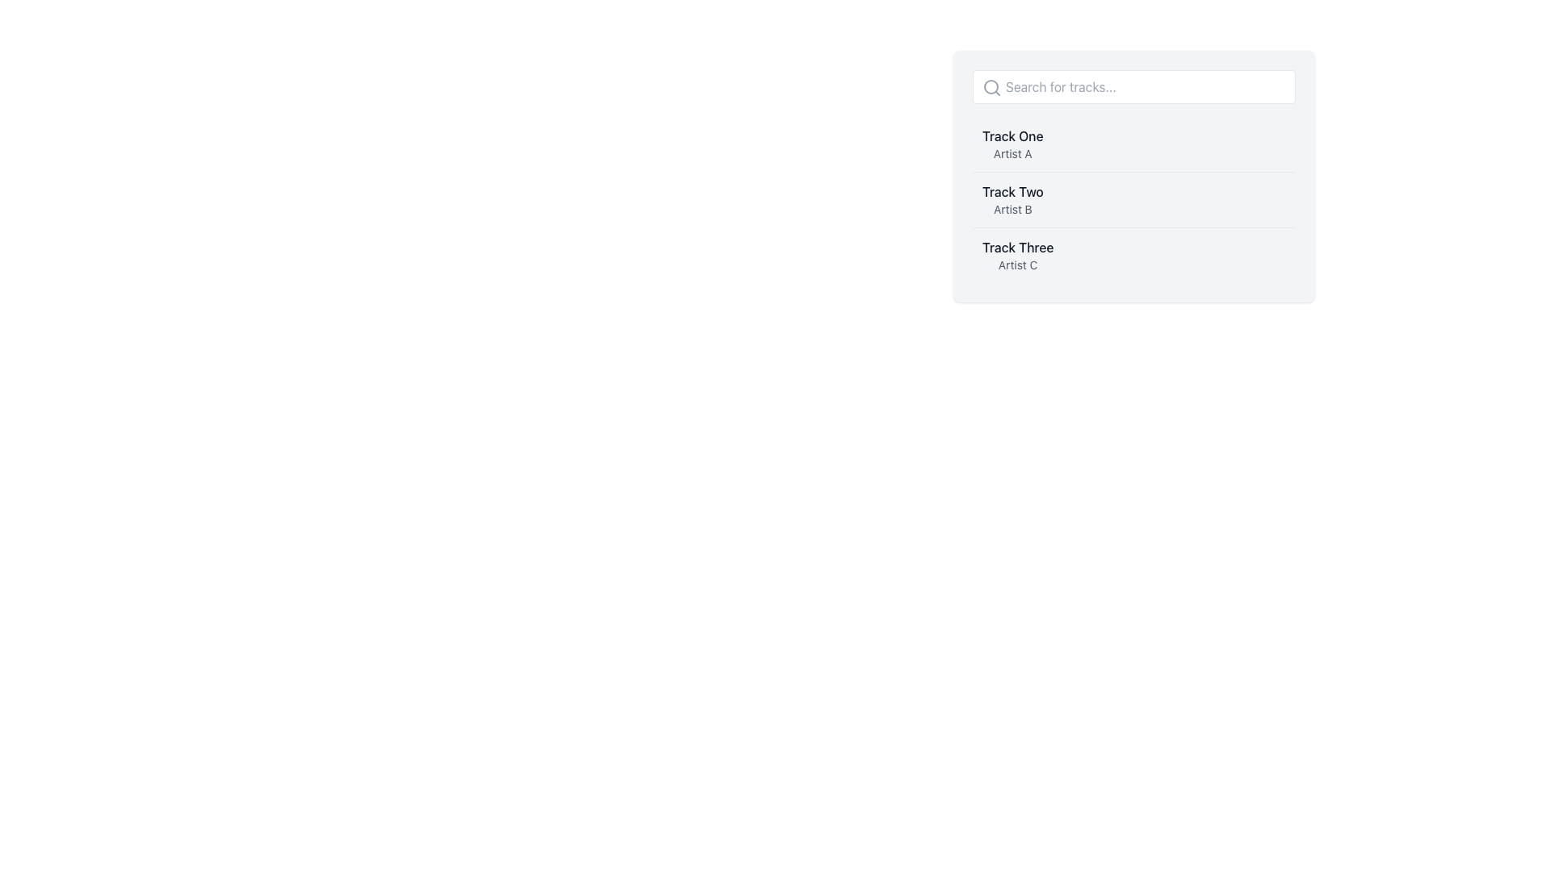 The width and height of the screenshot is (1550, 871). What do you see at coordinates (1012, 143) in the screenshot?
I see `the first list item displaying 'Track One' by 'Artist A'` at bounding box center [1012, 143].